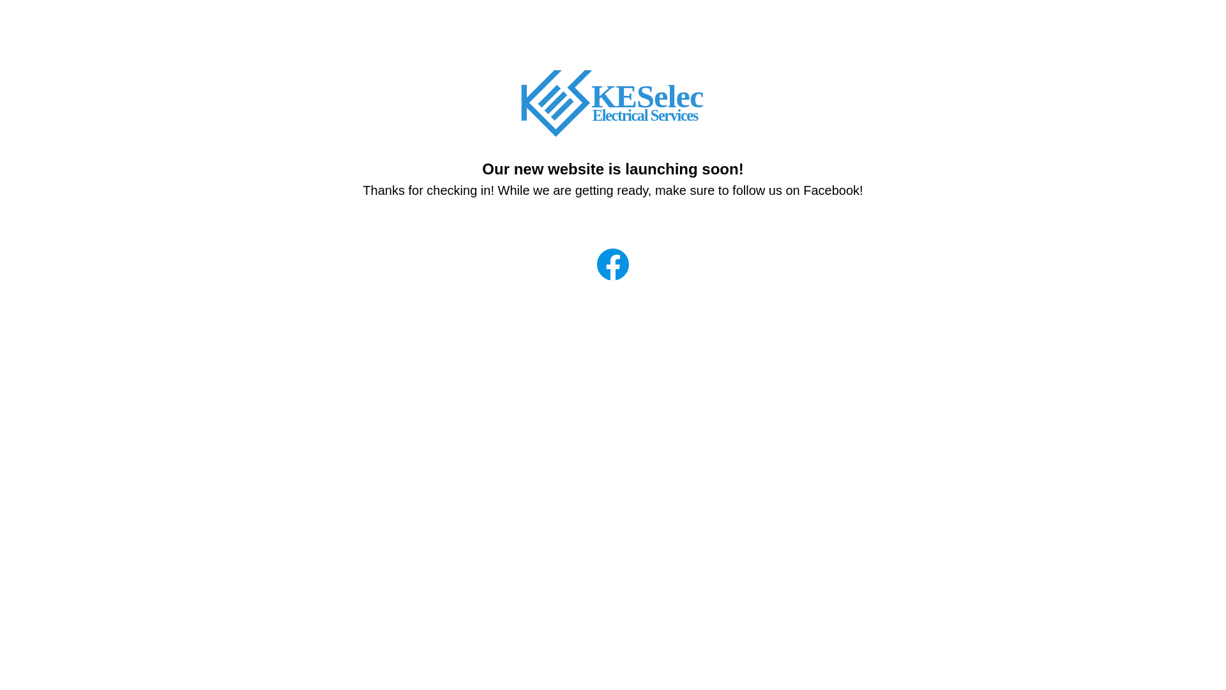  I want to click on 'Facebook', so click(613, 263).